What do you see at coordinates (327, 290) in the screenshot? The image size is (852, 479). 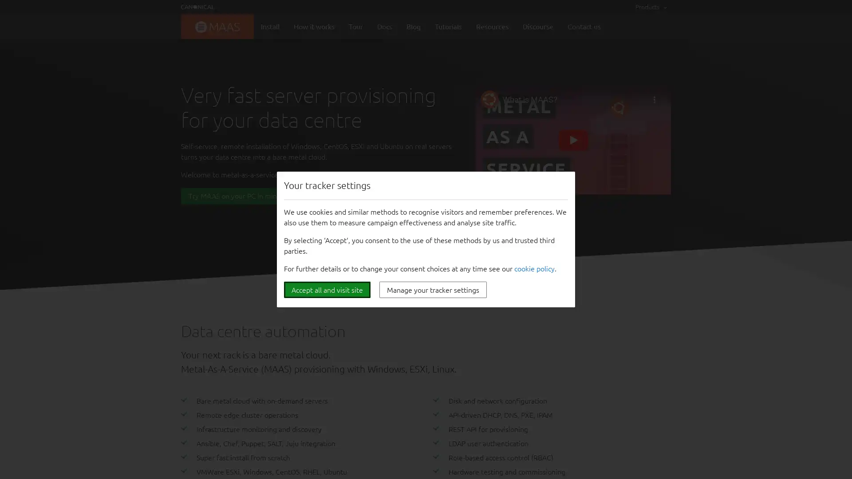 I see `Accept all and visit site` at bounding box center [327, 290].